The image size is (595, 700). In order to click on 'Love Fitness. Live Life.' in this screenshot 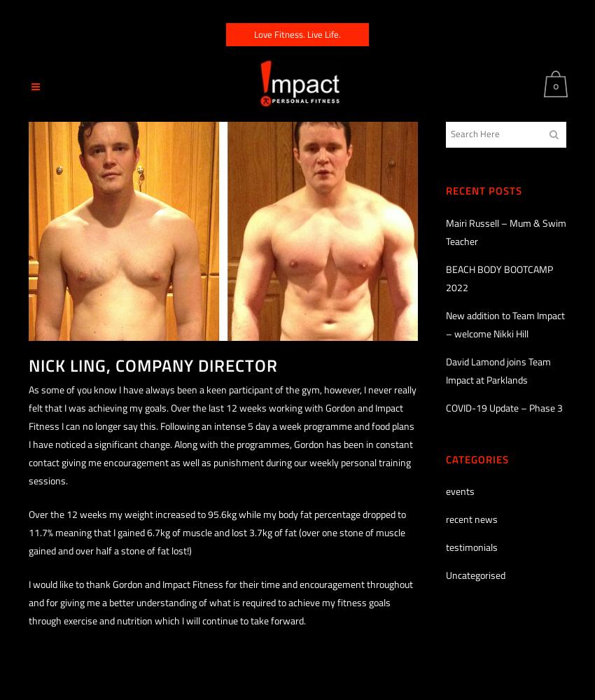, I will do `click(253, 34)`.